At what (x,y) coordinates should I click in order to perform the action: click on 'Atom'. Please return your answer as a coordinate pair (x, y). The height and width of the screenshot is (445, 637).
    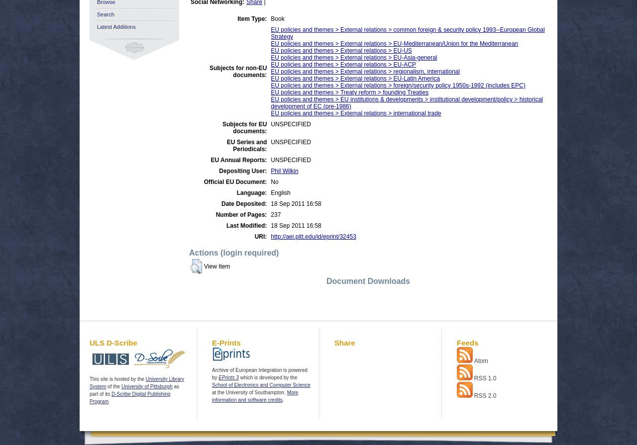
    Looking at the image, I should click on (481, 360).